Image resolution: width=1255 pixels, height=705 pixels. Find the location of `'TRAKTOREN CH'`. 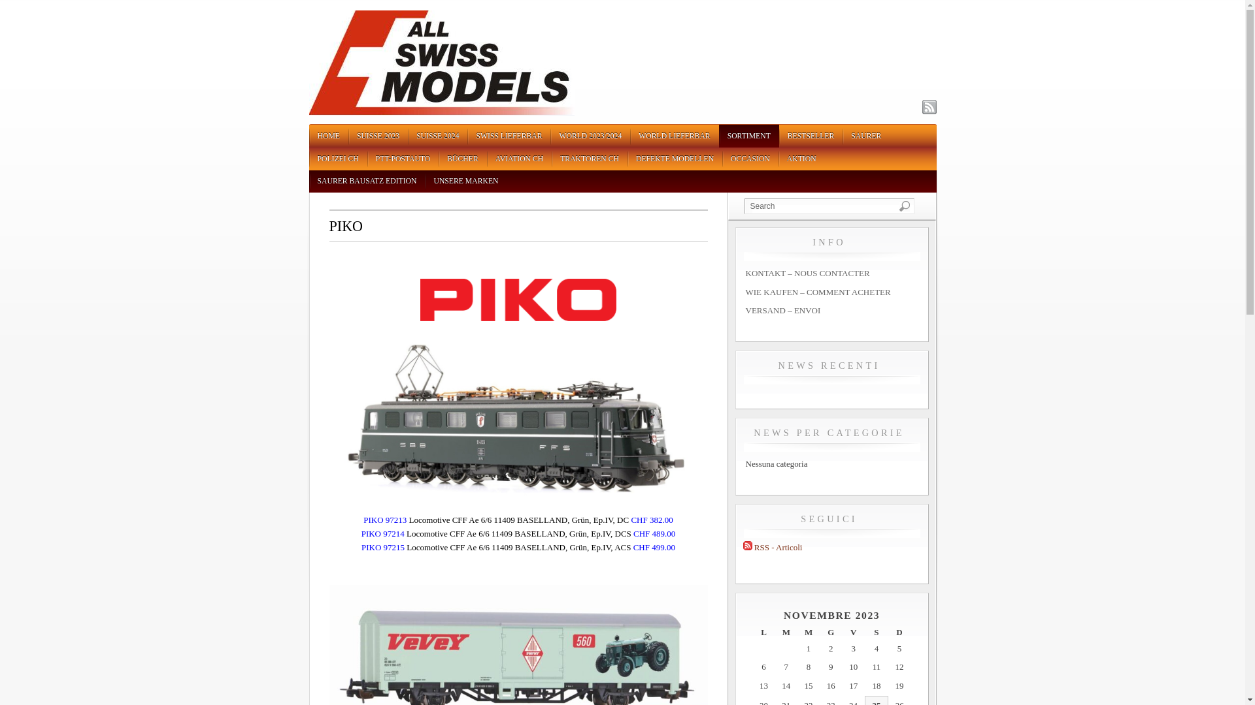

'TRAKTOREN CH' is located at coordinates (589, 158).